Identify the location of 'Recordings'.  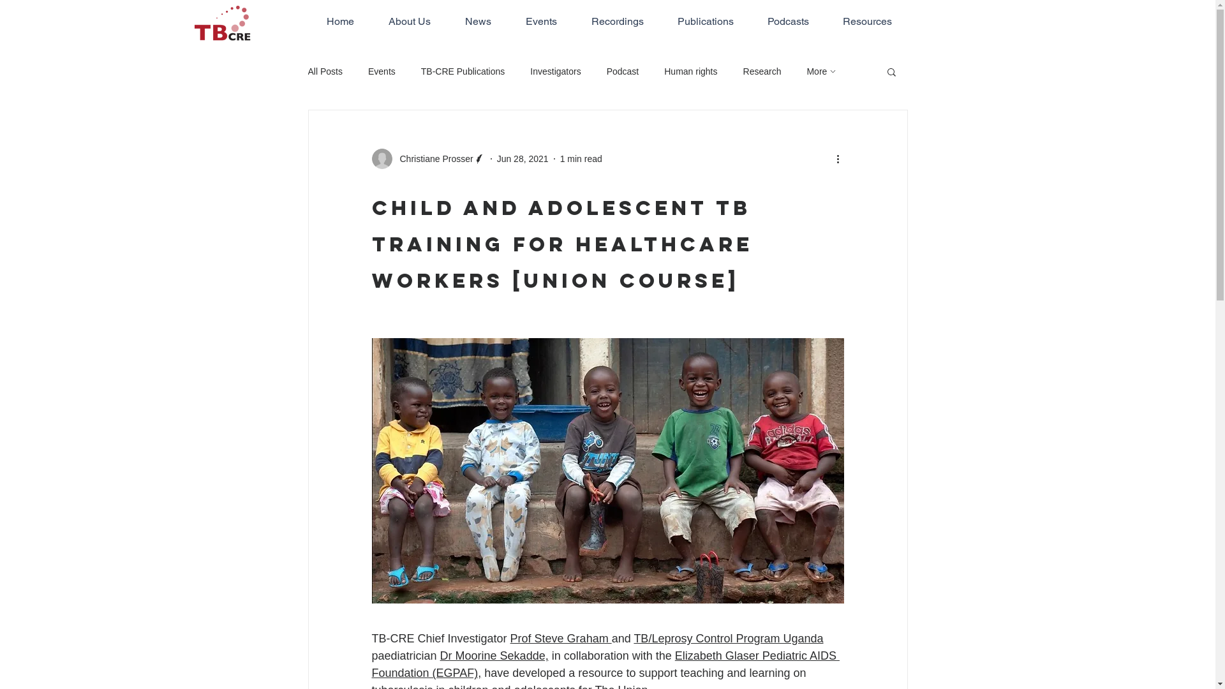
(616, 21).